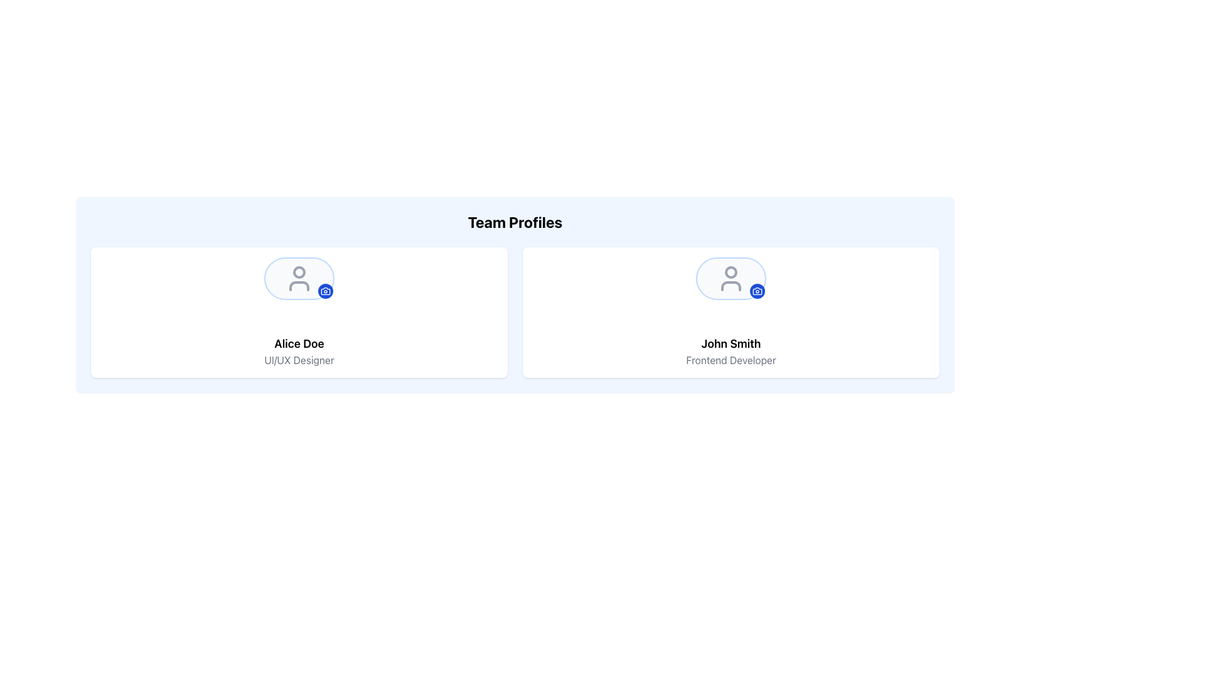 Image resolution: width=1205 pixels, height=678 pixels. What do you see at coordinates (756, 291) in the screenshot?
I see `the camera icon located in the profile block of John Smith, near the top-right corner of his profile picture` at bounding box center [756, 291].